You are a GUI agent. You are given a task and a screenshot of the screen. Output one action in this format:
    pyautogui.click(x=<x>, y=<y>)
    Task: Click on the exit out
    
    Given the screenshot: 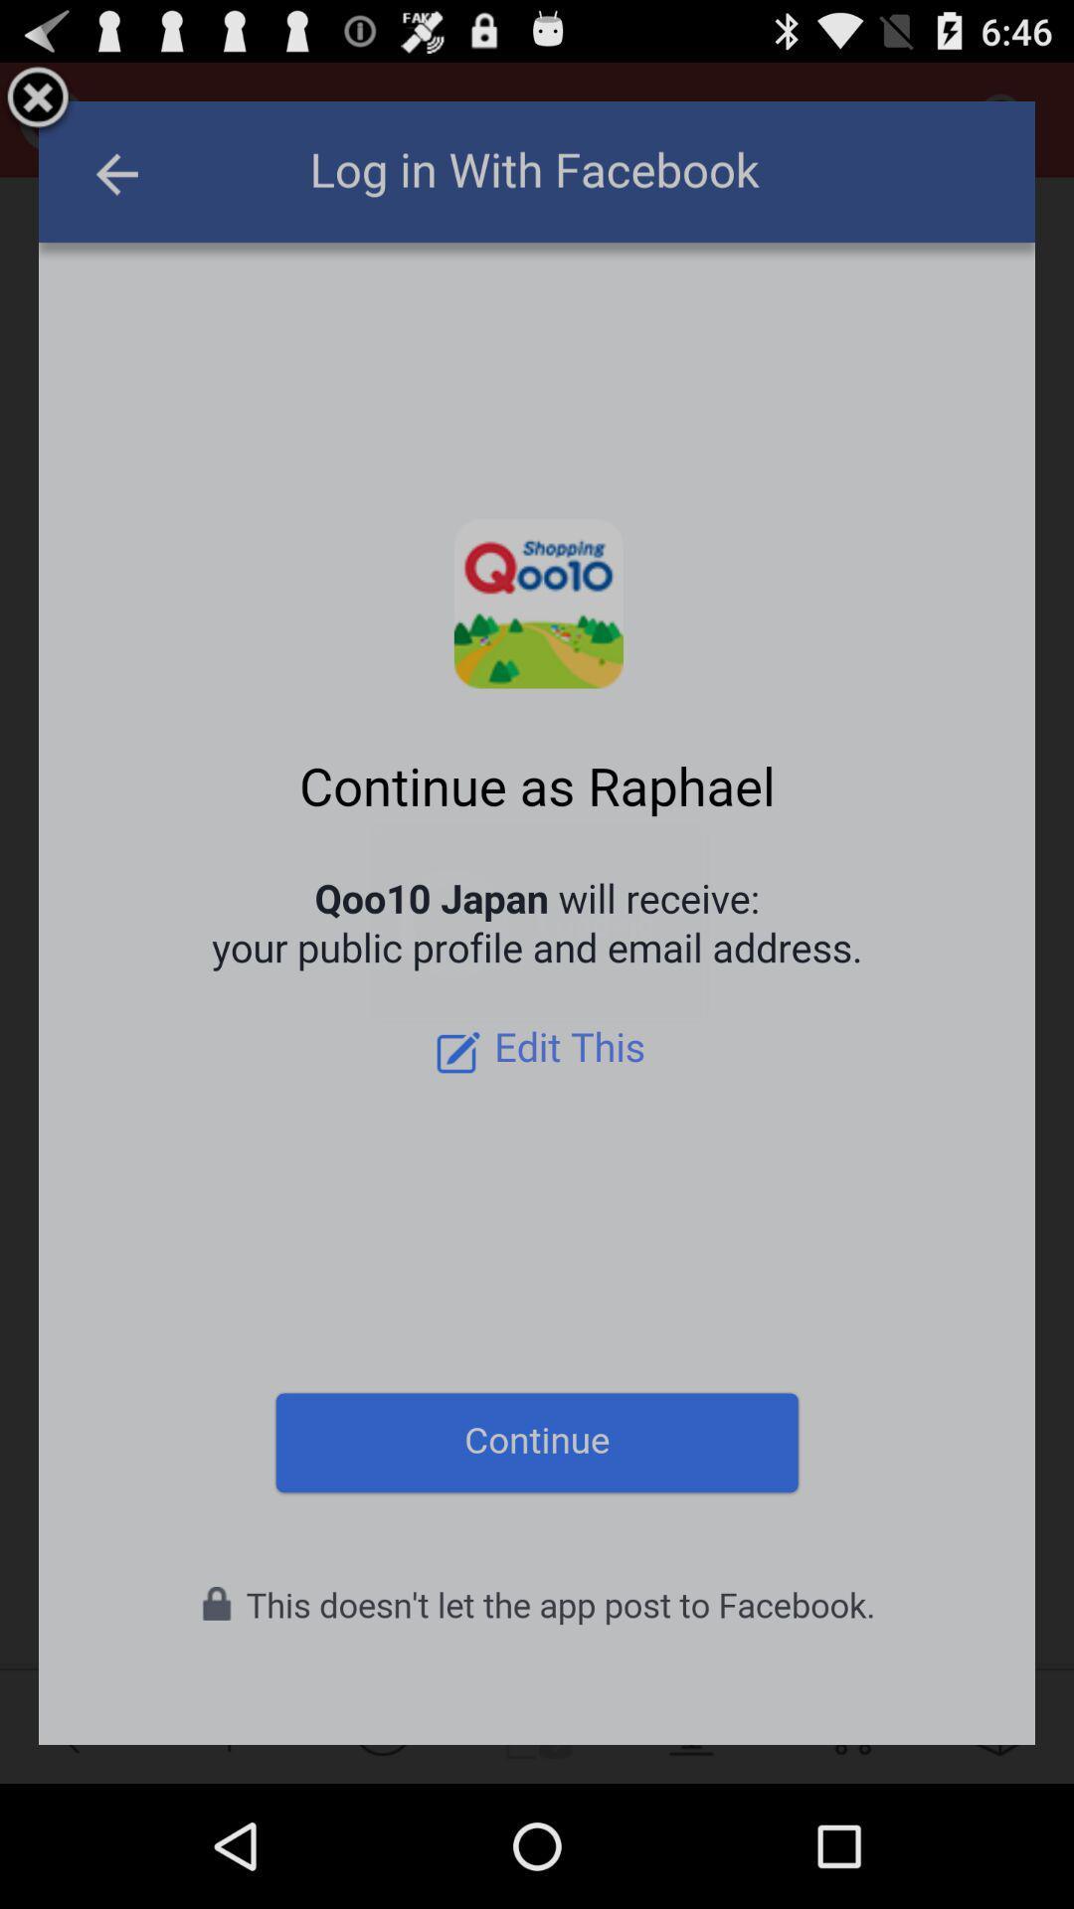 What is the action you would take?
    pyautogui.click(x=38, y=99)
    